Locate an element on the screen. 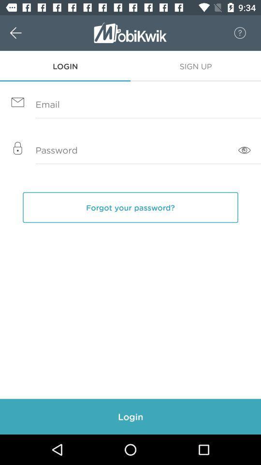 The height and width of the screenshot is (465, 261). email is located at coordinates (130, 105).